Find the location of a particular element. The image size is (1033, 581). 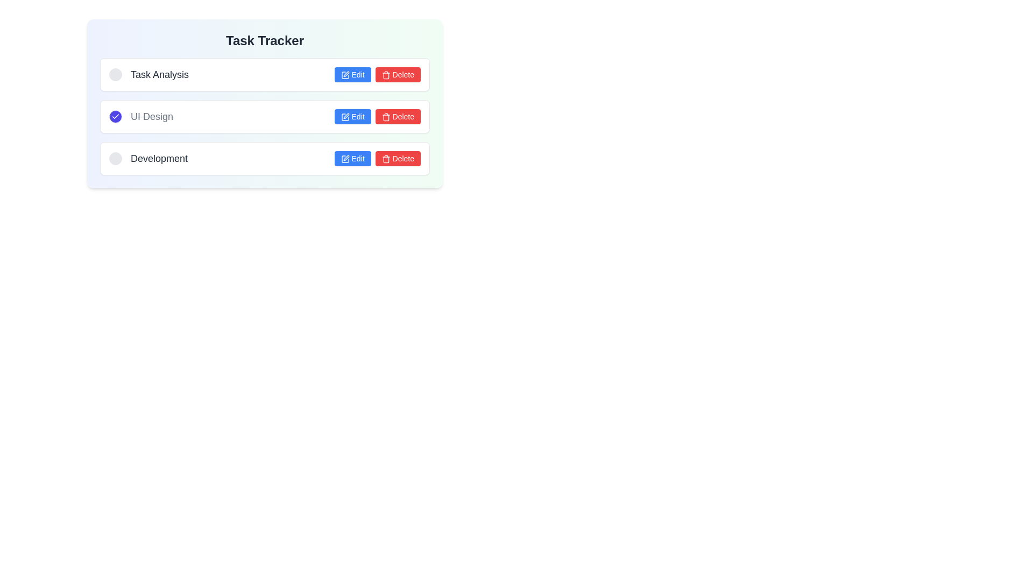

the 'Delete' button located in the top-right corner of the task entry to initiate the delete action is located at coordinates (397, 74).